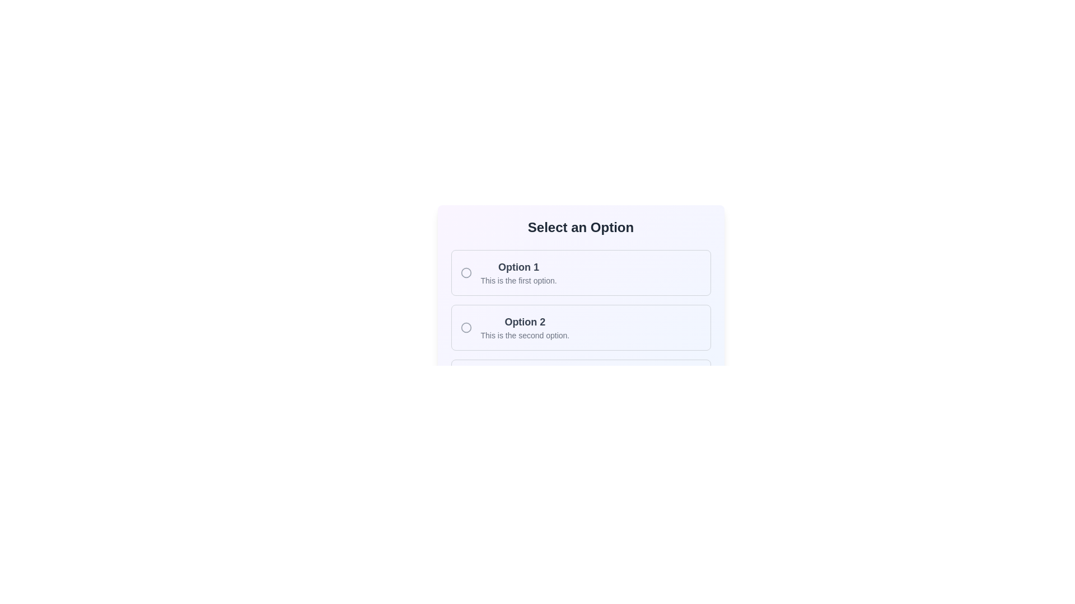  What do you see at coordinates (581, 278) in the screenshot?
I see `the radio button options in the 'Select an Option' form section` at bounding box center [581, 278].